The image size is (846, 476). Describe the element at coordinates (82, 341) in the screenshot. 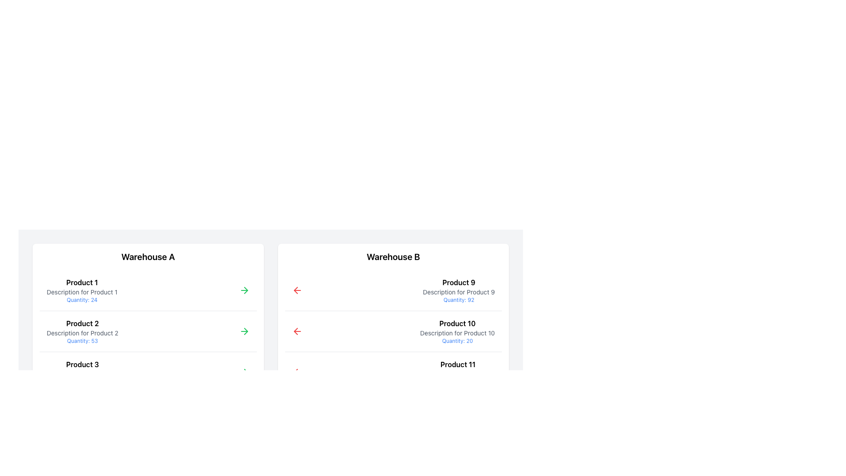

I see `the text label displaying 'Quantity: 53' in a small blue font, located below the description of 'Product 2' in the 'Warehouse A' section` at that location.